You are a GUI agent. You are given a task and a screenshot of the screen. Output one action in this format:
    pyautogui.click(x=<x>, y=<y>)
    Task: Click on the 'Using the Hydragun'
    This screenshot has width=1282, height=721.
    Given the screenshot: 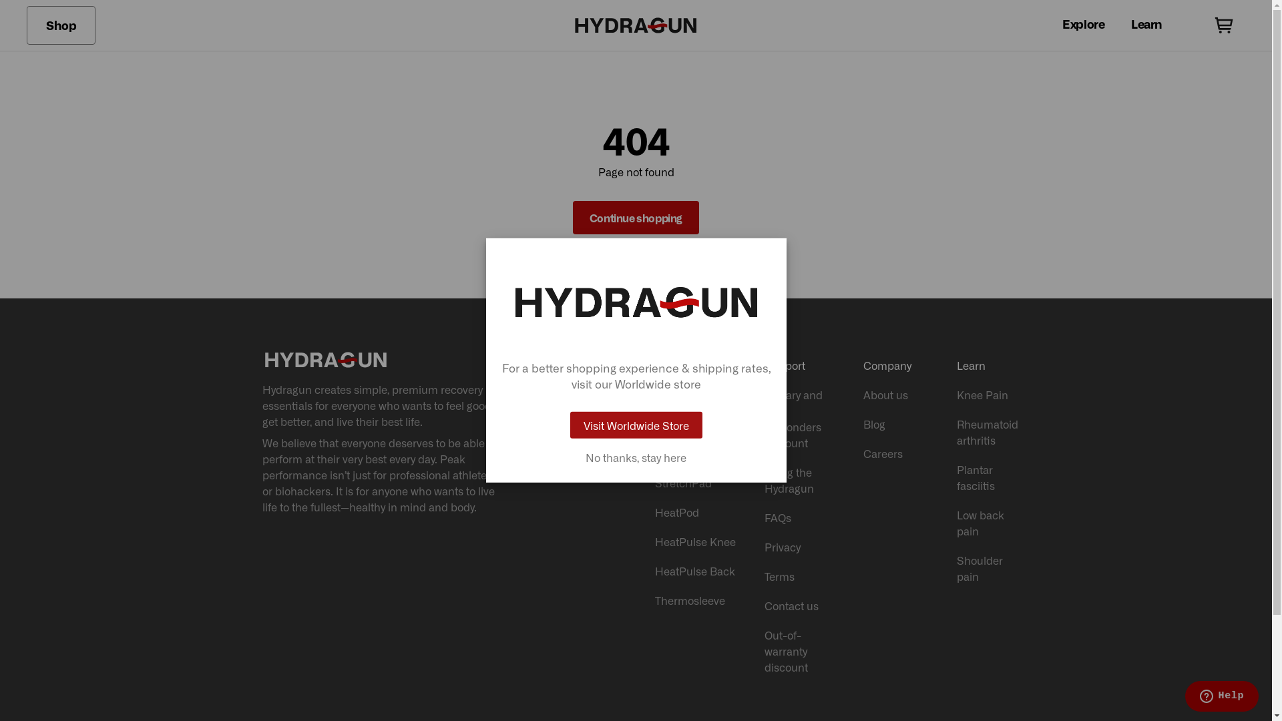 What is the action you would take?
    pyautogui.click(x=800, y=479)
    